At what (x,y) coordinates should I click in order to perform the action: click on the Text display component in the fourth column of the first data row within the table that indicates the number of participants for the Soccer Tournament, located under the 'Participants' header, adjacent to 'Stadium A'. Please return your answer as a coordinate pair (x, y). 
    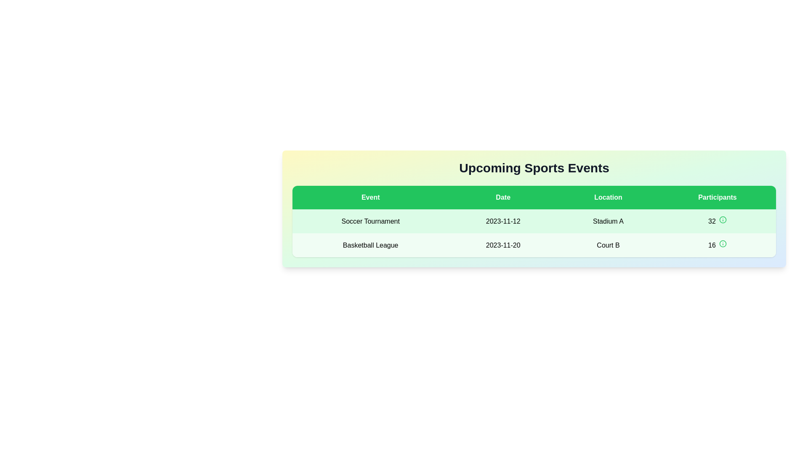
    Looking at the image, I should click on (717, 221).